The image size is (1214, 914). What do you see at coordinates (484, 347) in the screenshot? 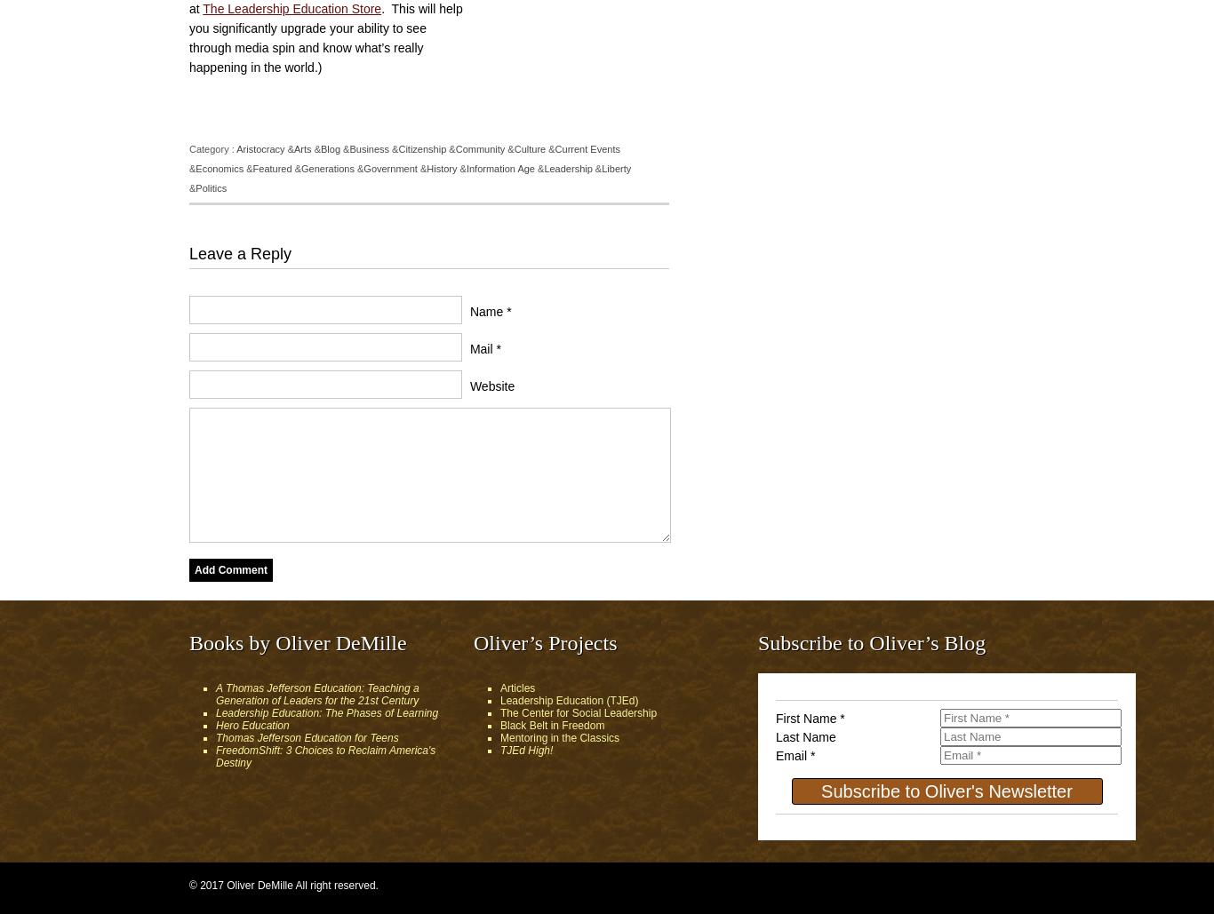
I see `'Mail *'` at bounding box center [484, 347].